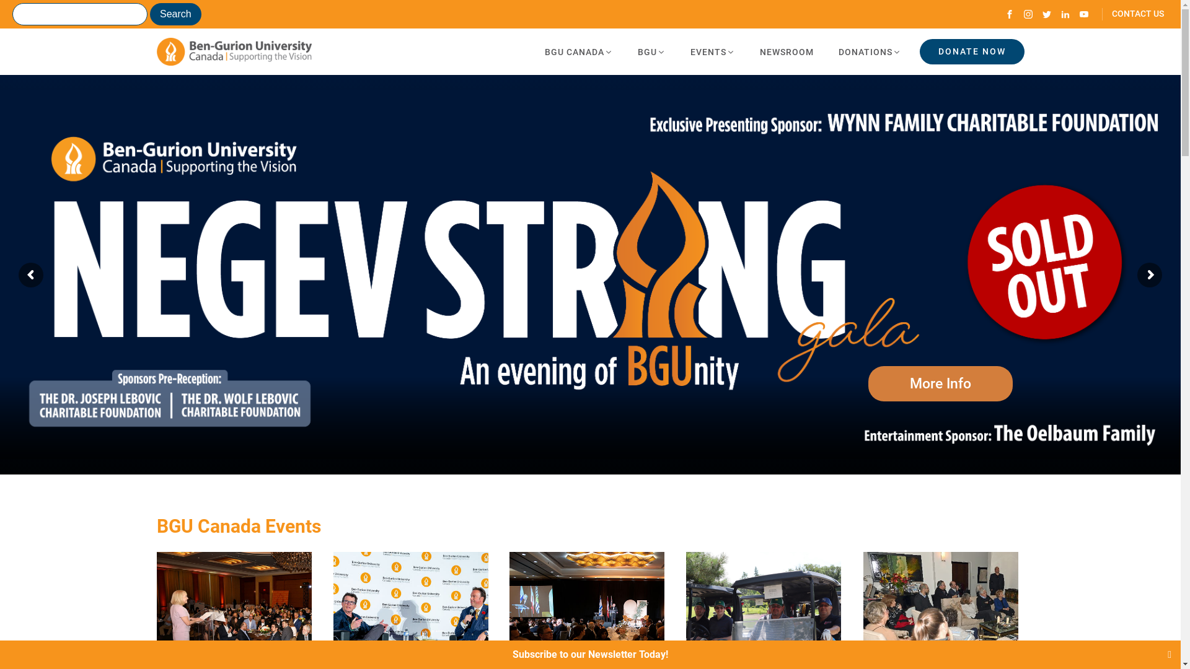 The image size is (1190, 669). What do you see at coordinates (577, 51) in the screenshot?
I see `'BGU CANADA'` at bounding box center [577, 51].